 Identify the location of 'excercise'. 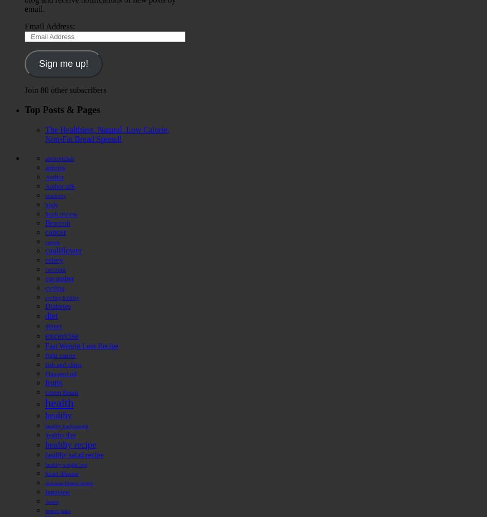
(61, 335).